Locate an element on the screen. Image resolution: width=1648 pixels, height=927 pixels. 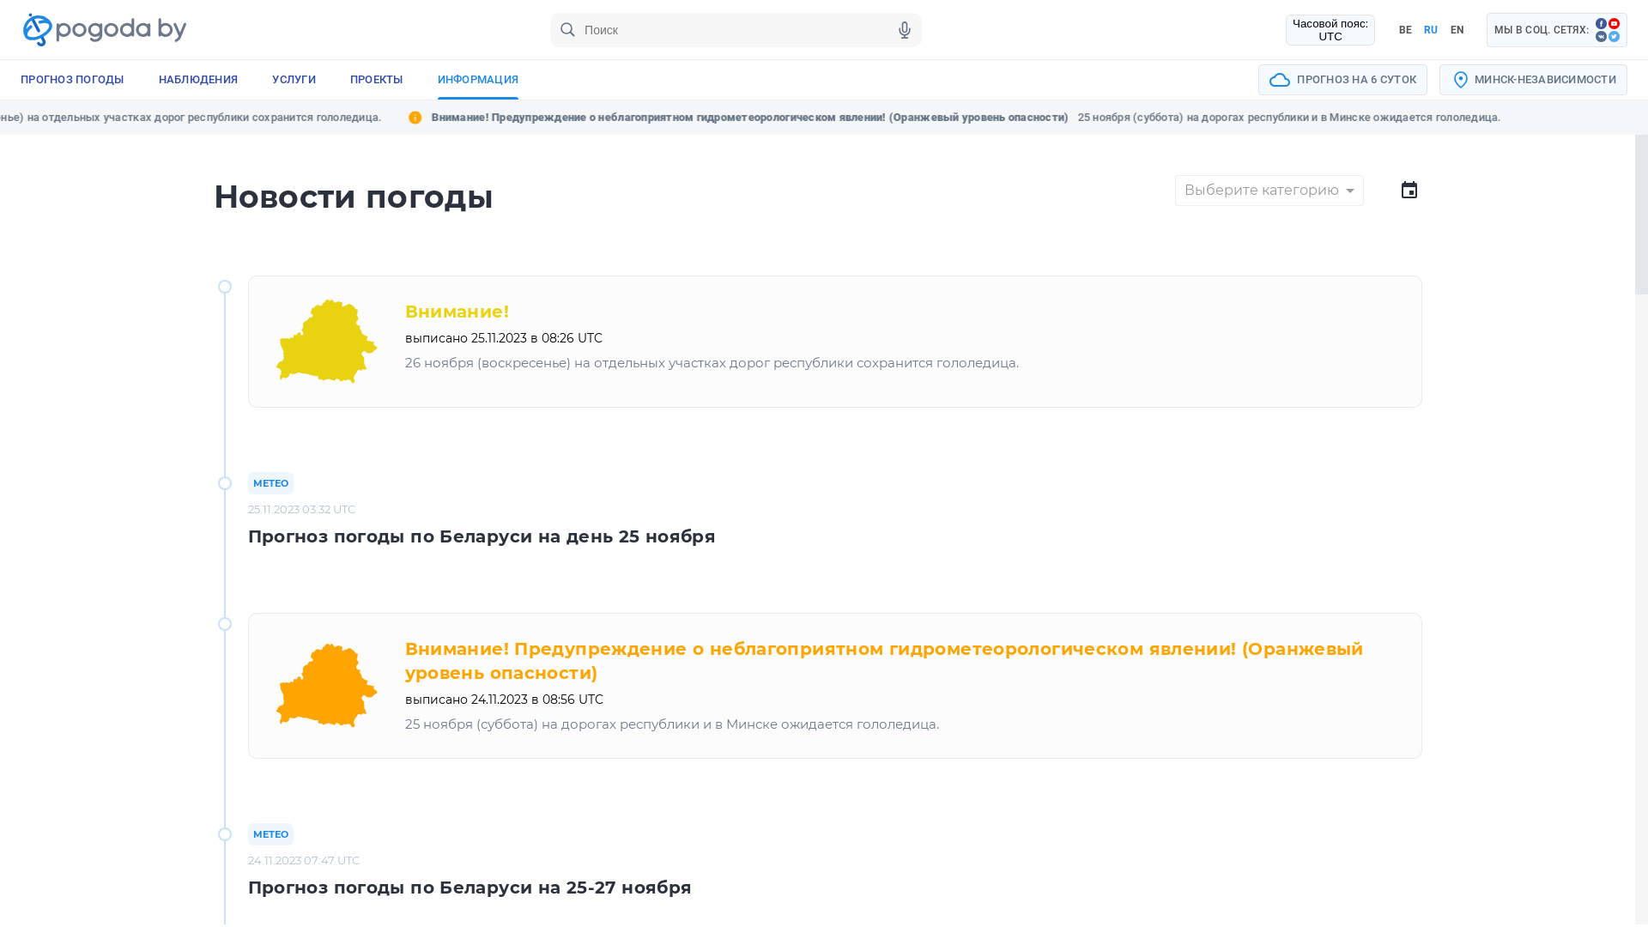
'EN' is located at coordinates (1456, 29).